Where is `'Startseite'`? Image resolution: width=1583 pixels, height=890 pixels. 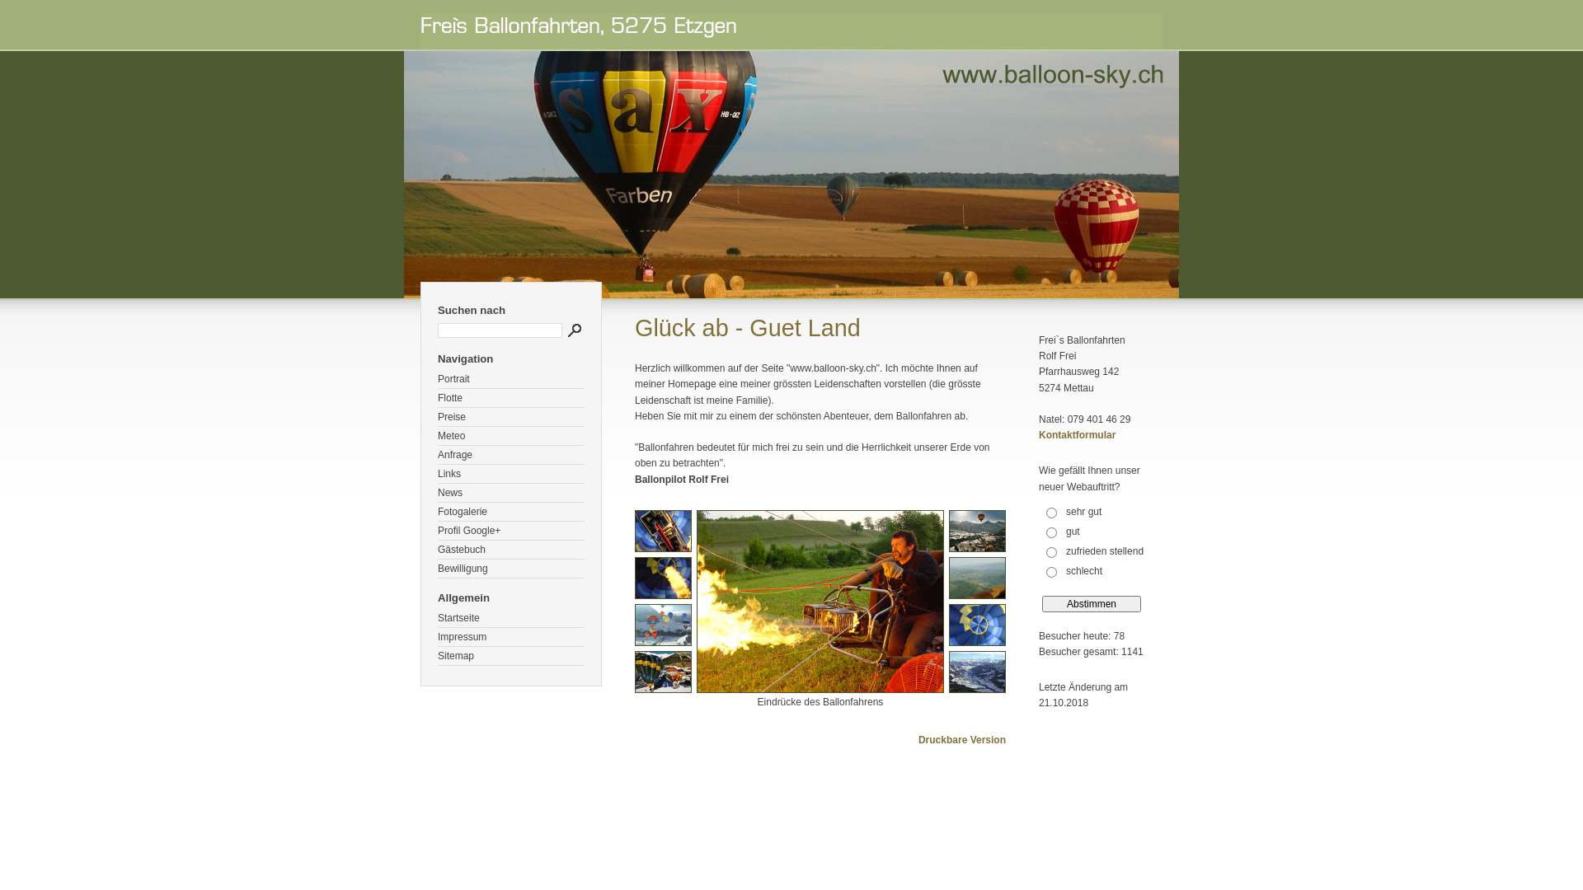 'Startseite' is located at coordinates (510, 618).